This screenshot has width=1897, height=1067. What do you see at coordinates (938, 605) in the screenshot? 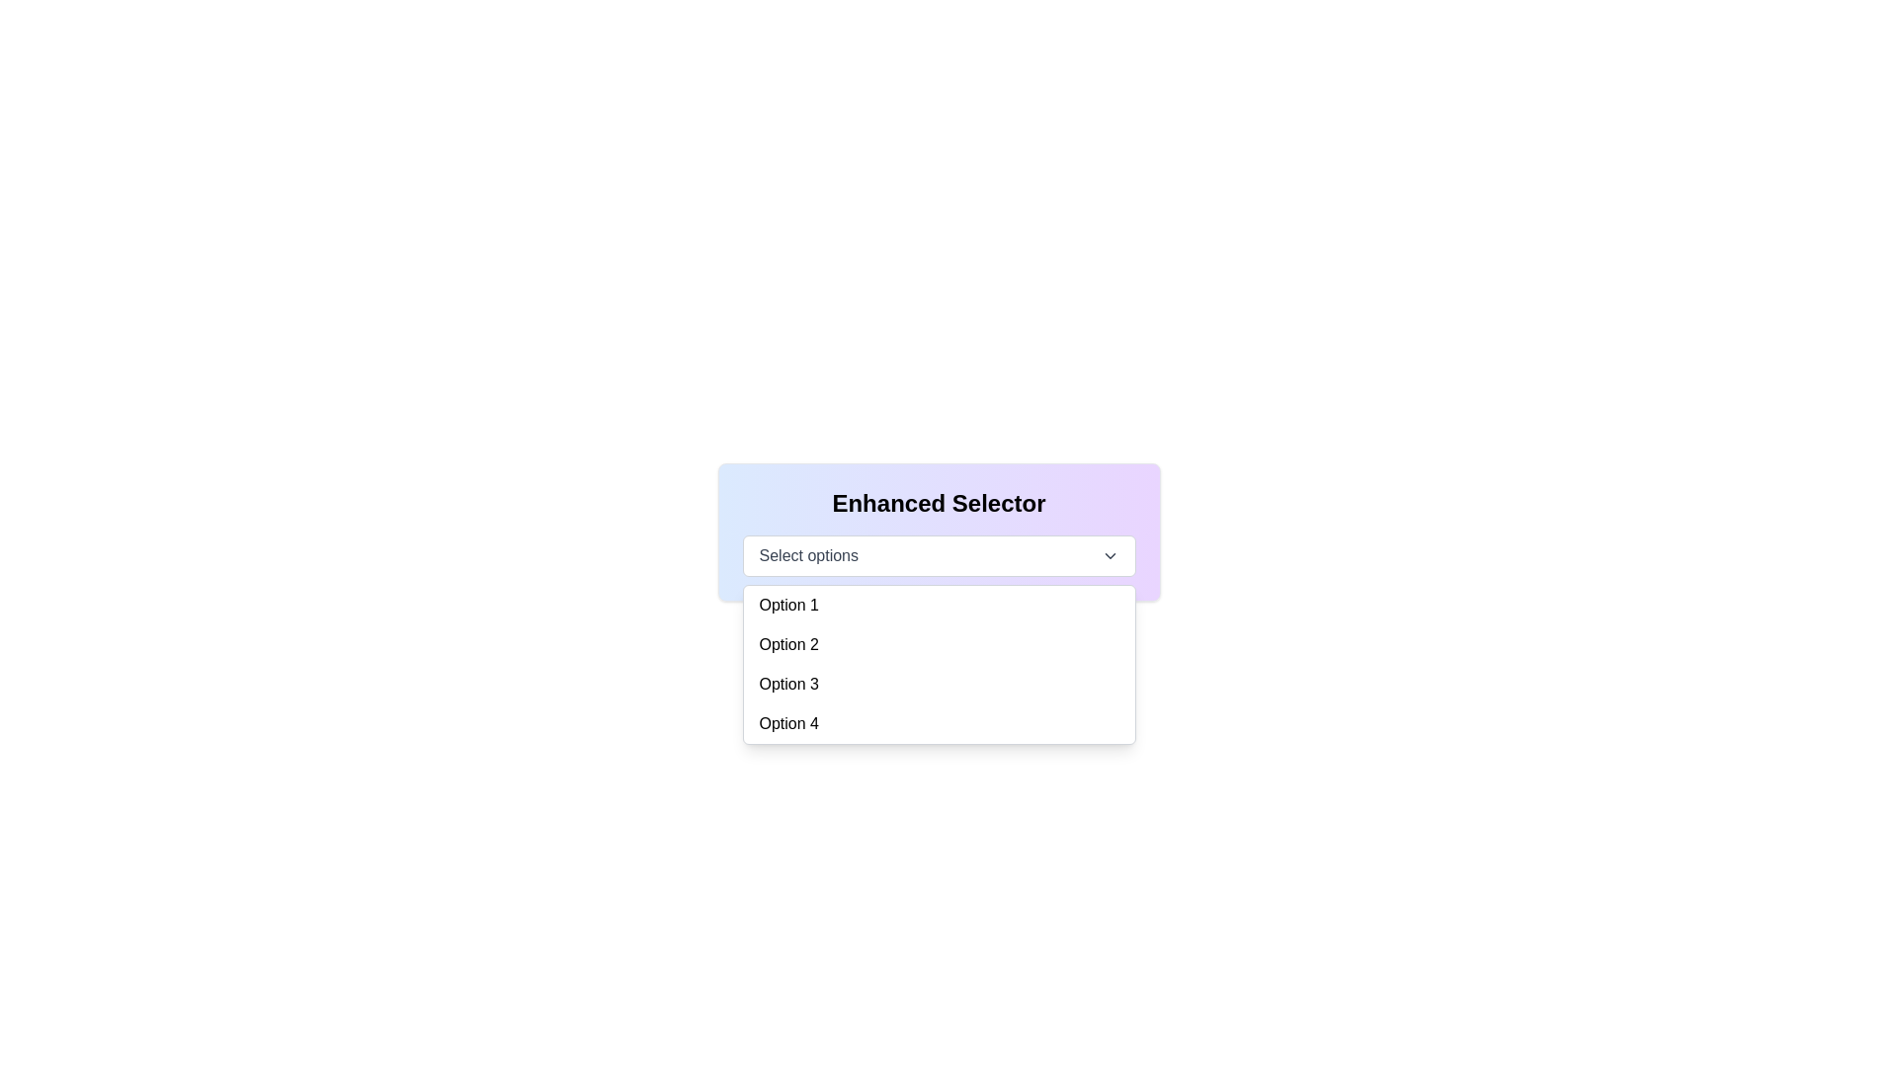
I see `the 'Option 1' dropdown option` at bounding box center [938, 605].